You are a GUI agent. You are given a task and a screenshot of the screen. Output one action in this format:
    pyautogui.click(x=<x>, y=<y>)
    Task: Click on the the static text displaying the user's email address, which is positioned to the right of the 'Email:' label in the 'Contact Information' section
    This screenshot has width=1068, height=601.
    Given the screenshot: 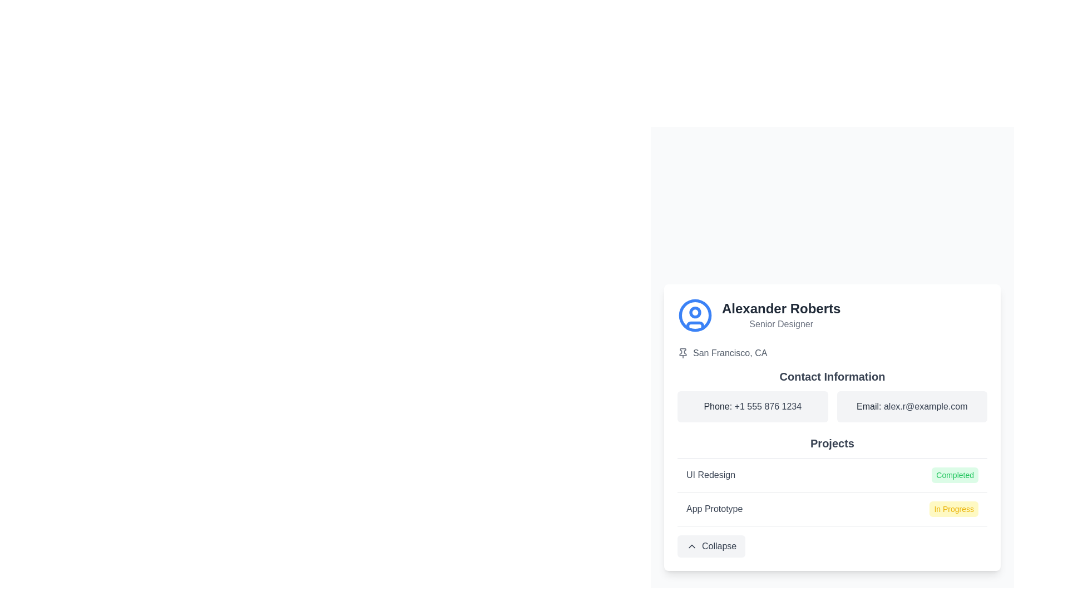 What is the action you would take?
    pyautogui.click(x=926, y=406)
    